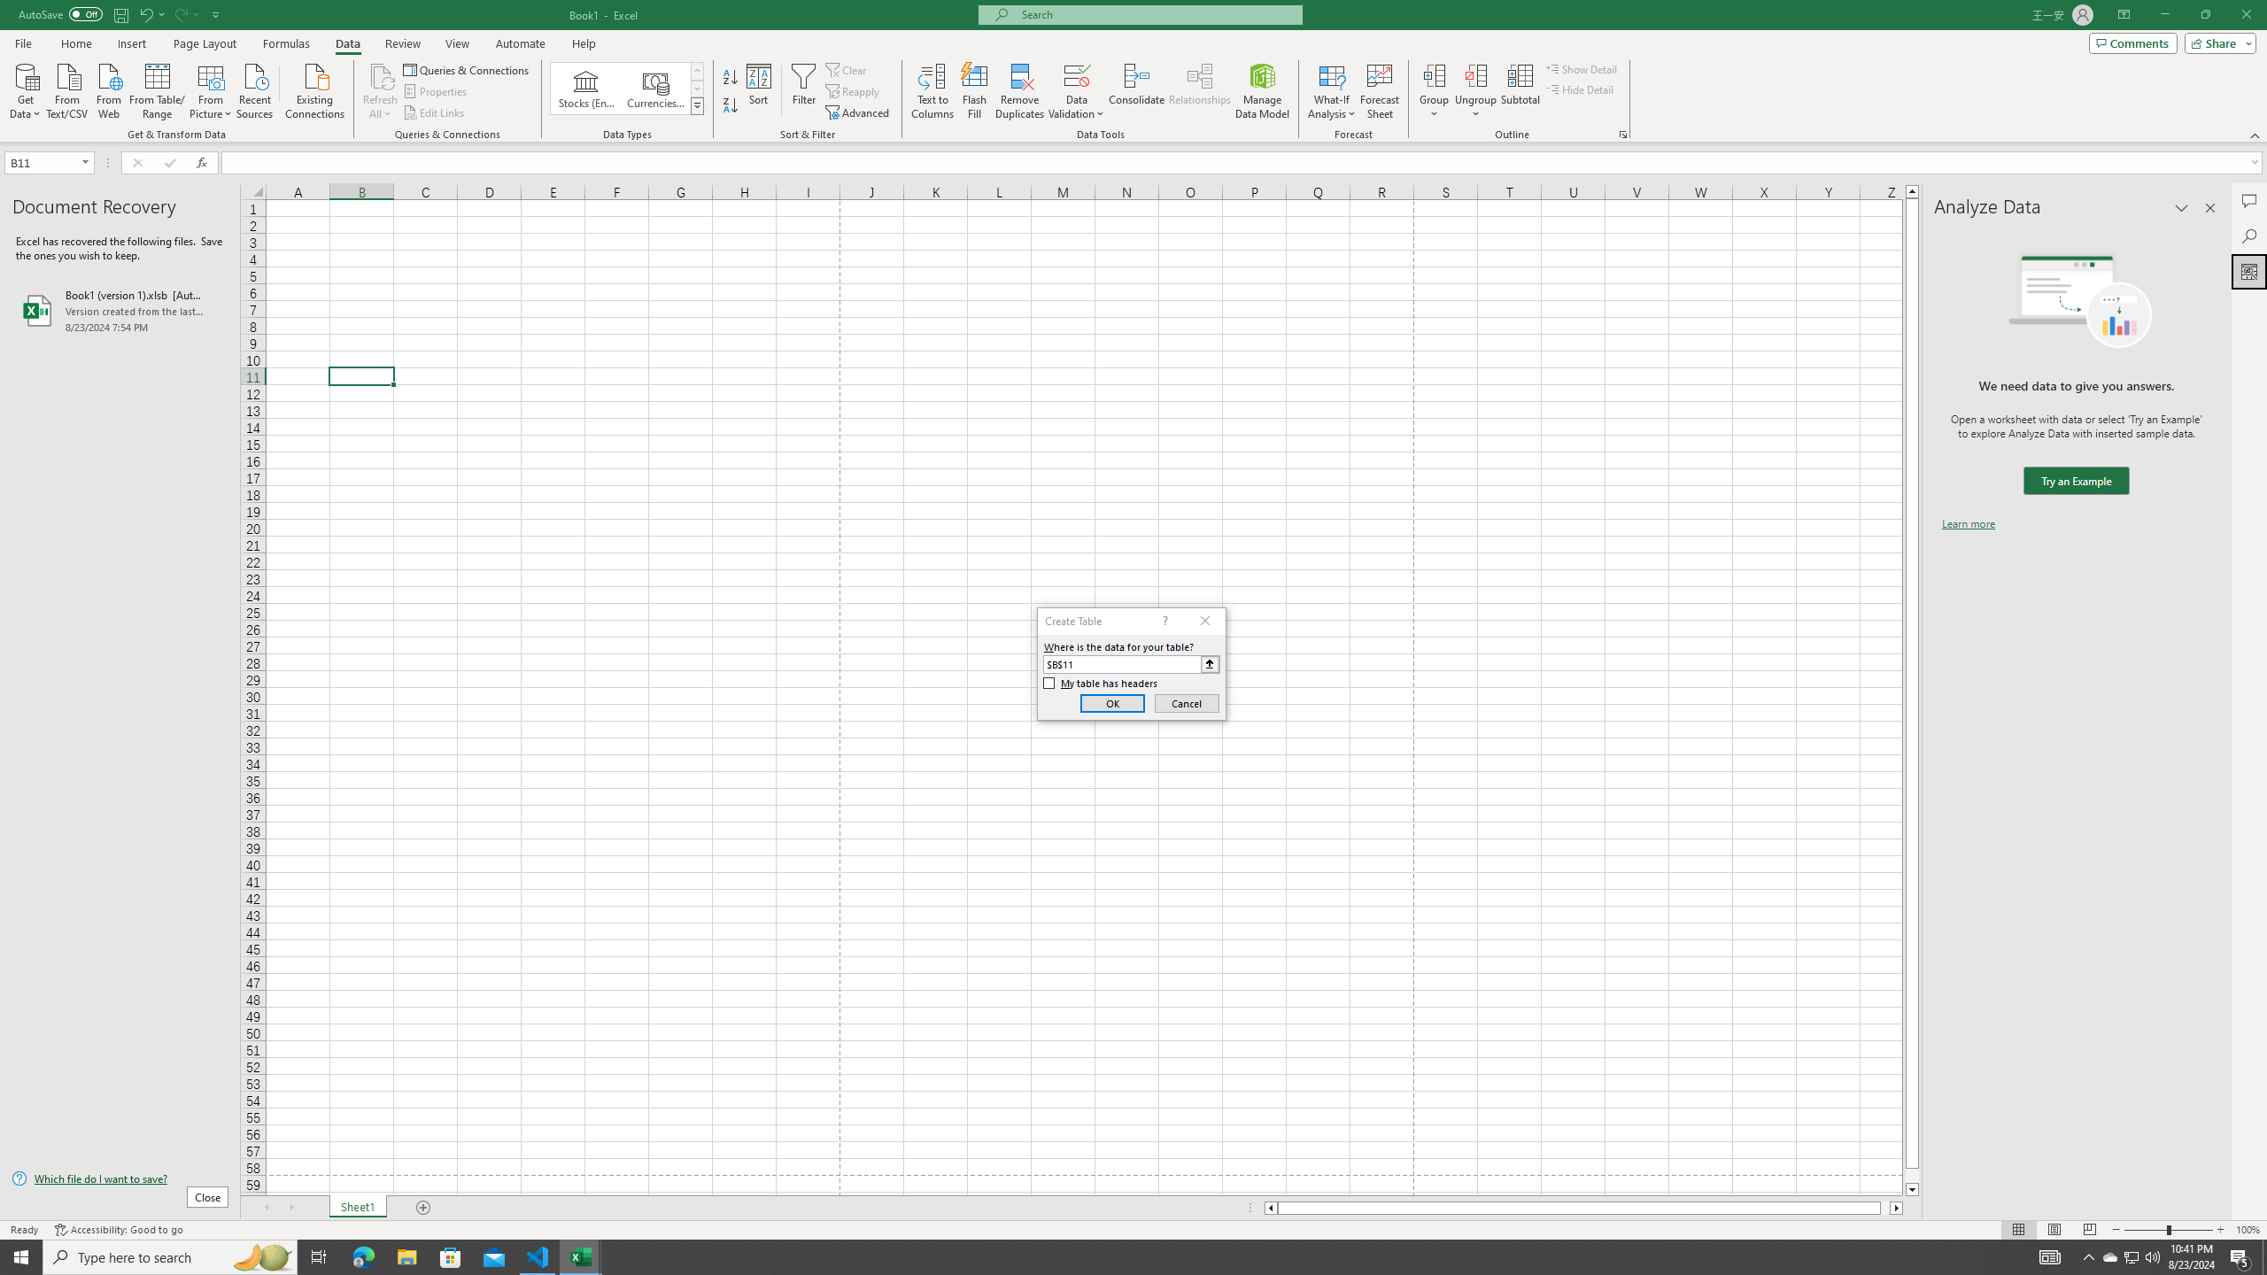  Describe the element at coordinates (1136, 91) in the screenshot. I see `'Consolidate...'` at that location.